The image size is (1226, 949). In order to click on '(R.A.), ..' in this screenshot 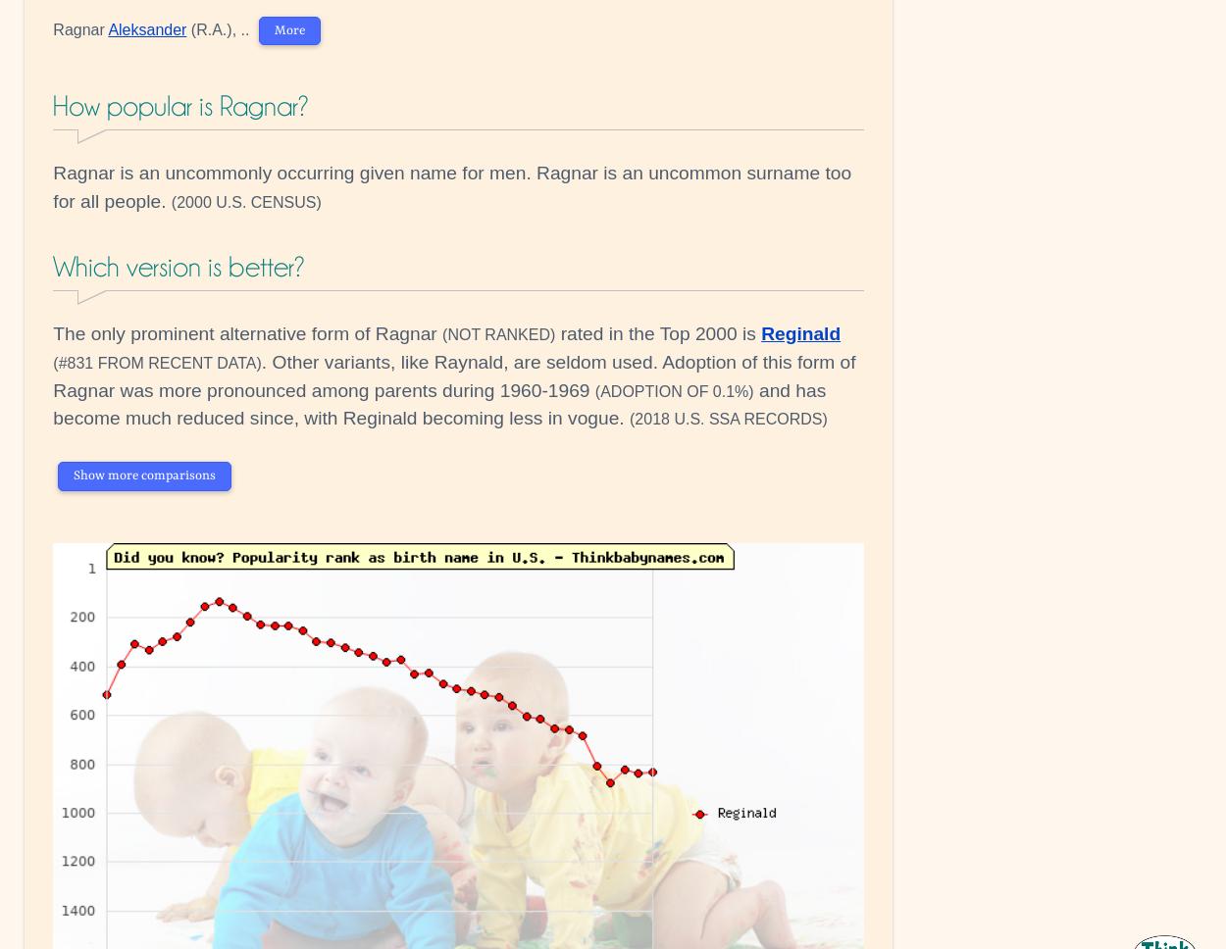, I will do `click(220, 28)`.